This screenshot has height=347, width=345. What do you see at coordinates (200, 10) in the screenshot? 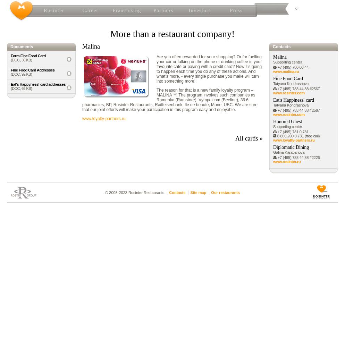
I see `'Investors'` at bounding box center [200, 10].